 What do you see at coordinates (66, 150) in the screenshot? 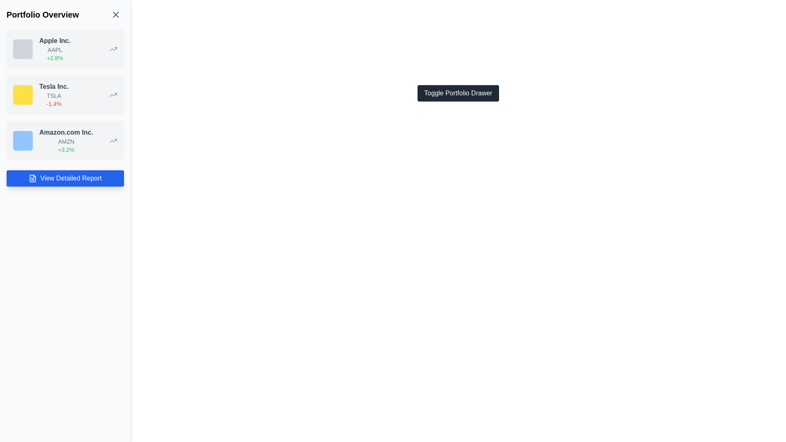
I see `text label indicating the percentage change in Amazon's stock value, located in the third tile below 'Amazon.com Inc.' and 'AMZN'` at bounding box center [66, 150].